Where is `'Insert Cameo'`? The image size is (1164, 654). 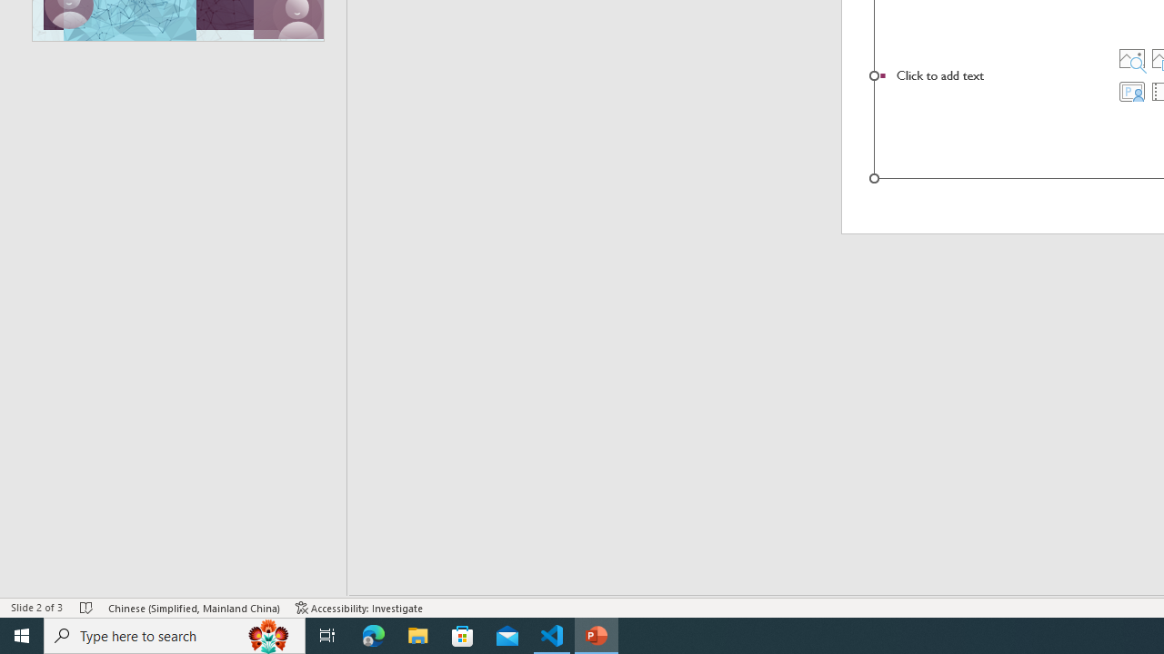 'Insert Cameo' is located at coordinates (1130, 91).